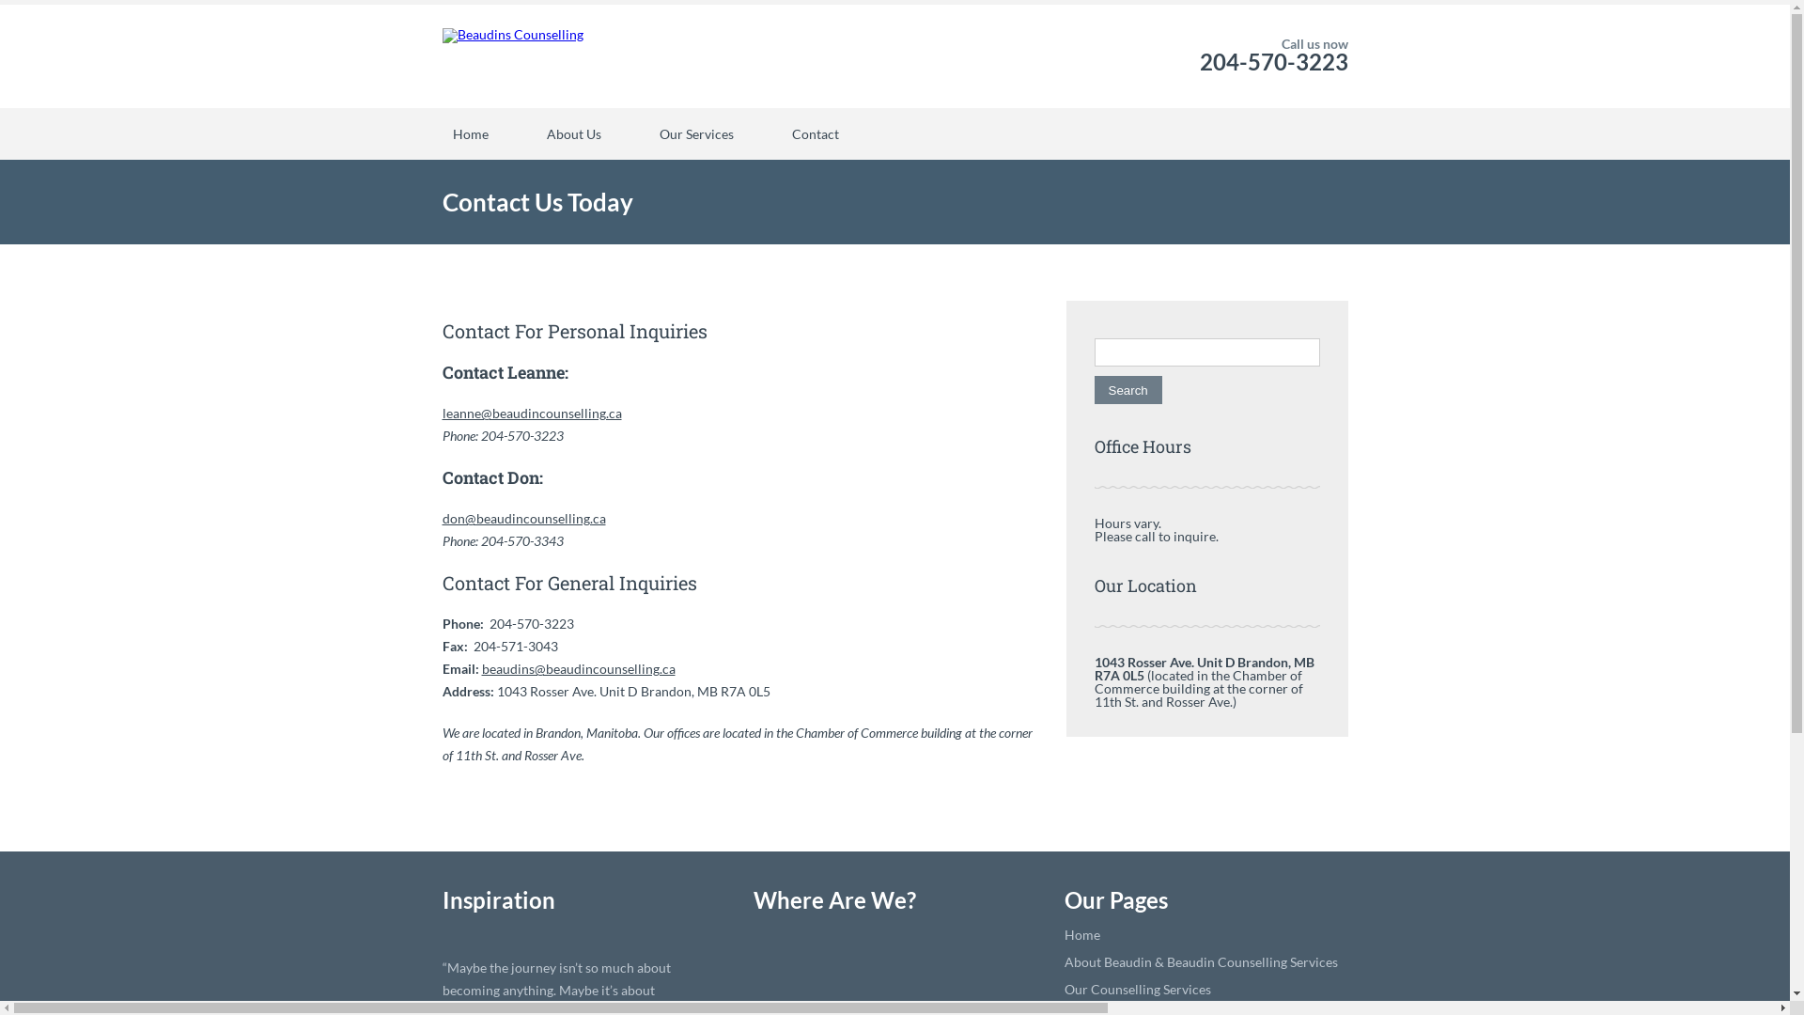 The width and height of the screenshot is (1804, 1015). Describe the element at coordinates (571, 133) in the screenshot. I see `'About Us'` at that location.